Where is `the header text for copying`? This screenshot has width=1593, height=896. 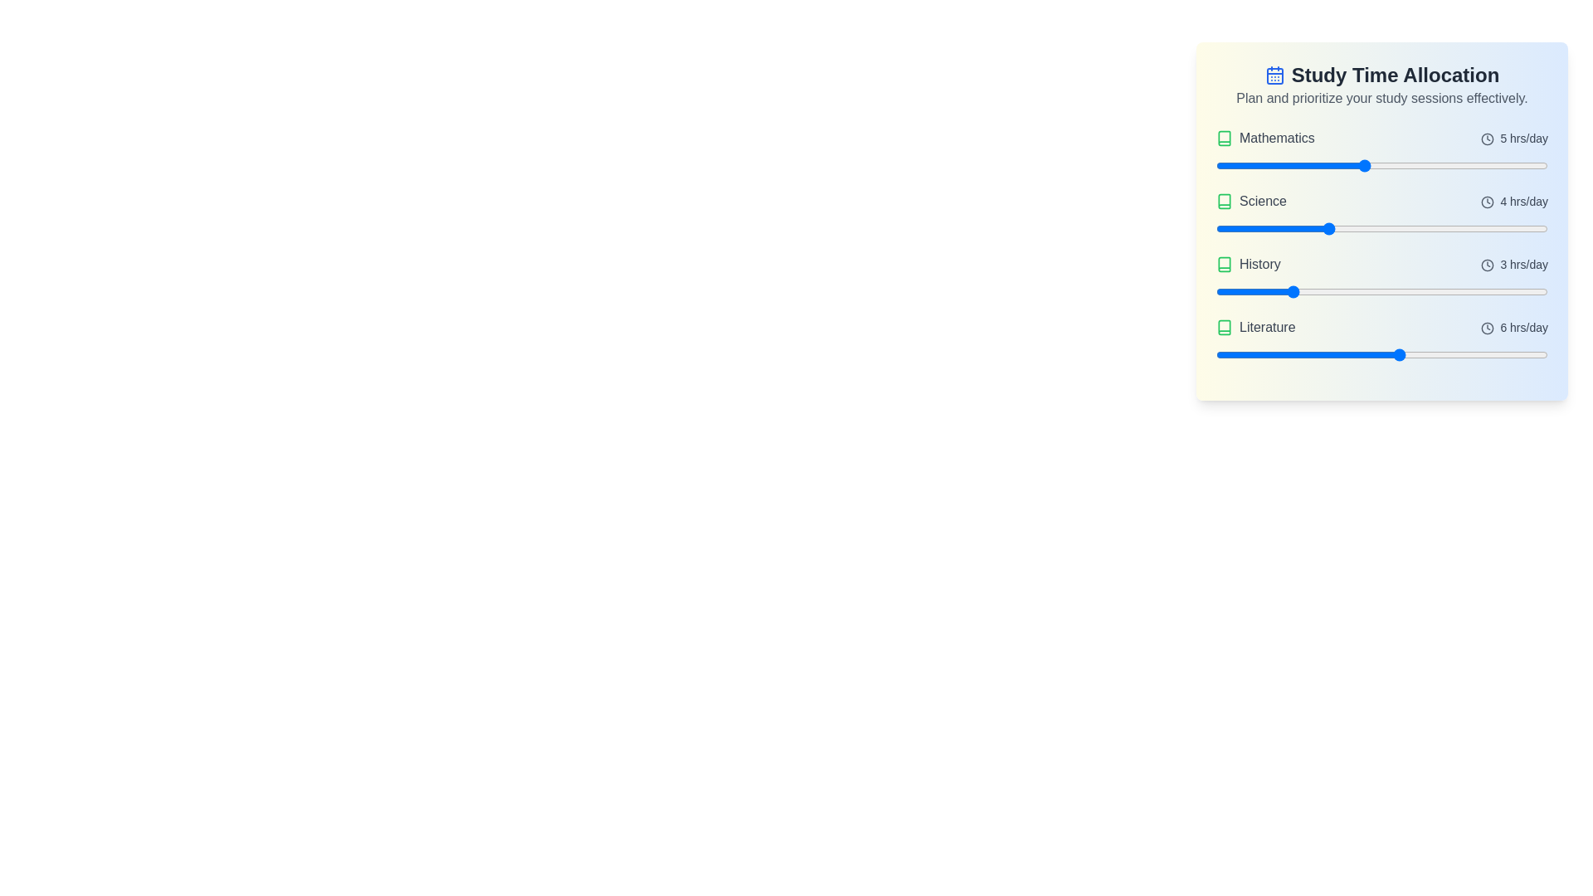
the header text for copying is located at coordinates (1381, 75).